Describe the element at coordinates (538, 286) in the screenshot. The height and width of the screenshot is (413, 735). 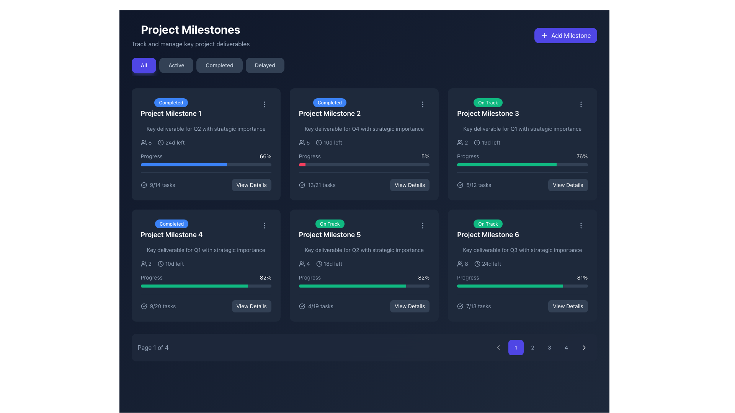
I see `the progress of Project Milestone 6` at that location.